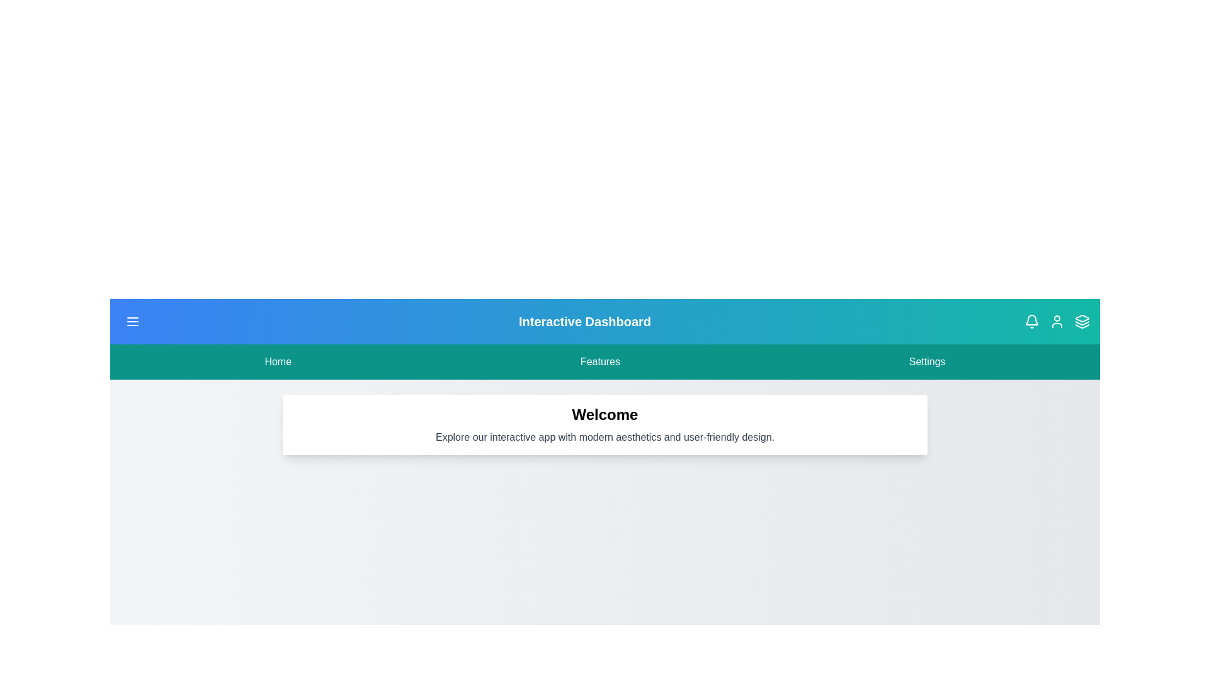 Image resolution: width=1209 pixels, height=680 pixels. I want to click on menu button located at the top-left corner of the app bar, so click(133, 320).